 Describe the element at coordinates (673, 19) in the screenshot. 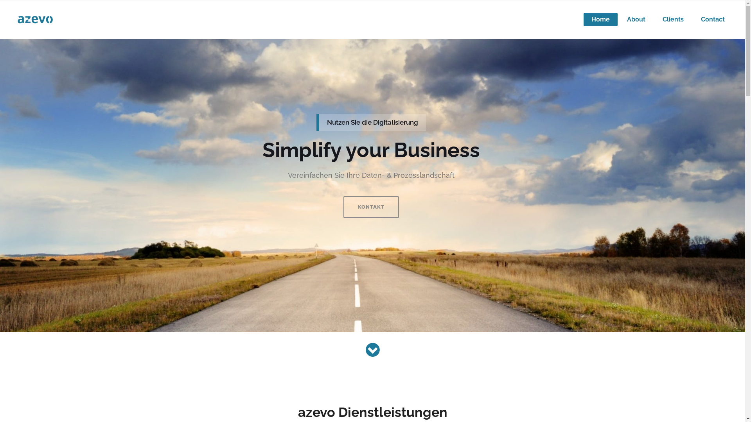

I see `'Clients'` at that location.